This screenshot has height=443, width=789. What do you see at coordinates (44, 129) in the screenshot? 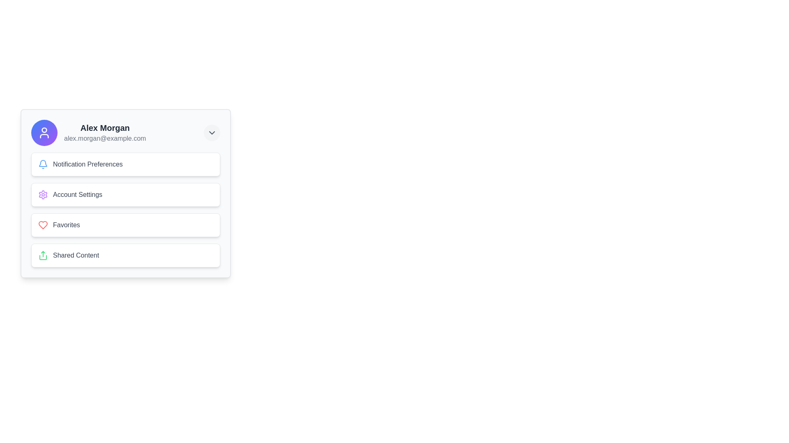
I see `the SVG Circle representing the head part of the user avatar icon, located at the top-center position within the user profile avatar icon, which is to the left of the 'Alex Morgan' text heading` at bounding box center [44, 129].